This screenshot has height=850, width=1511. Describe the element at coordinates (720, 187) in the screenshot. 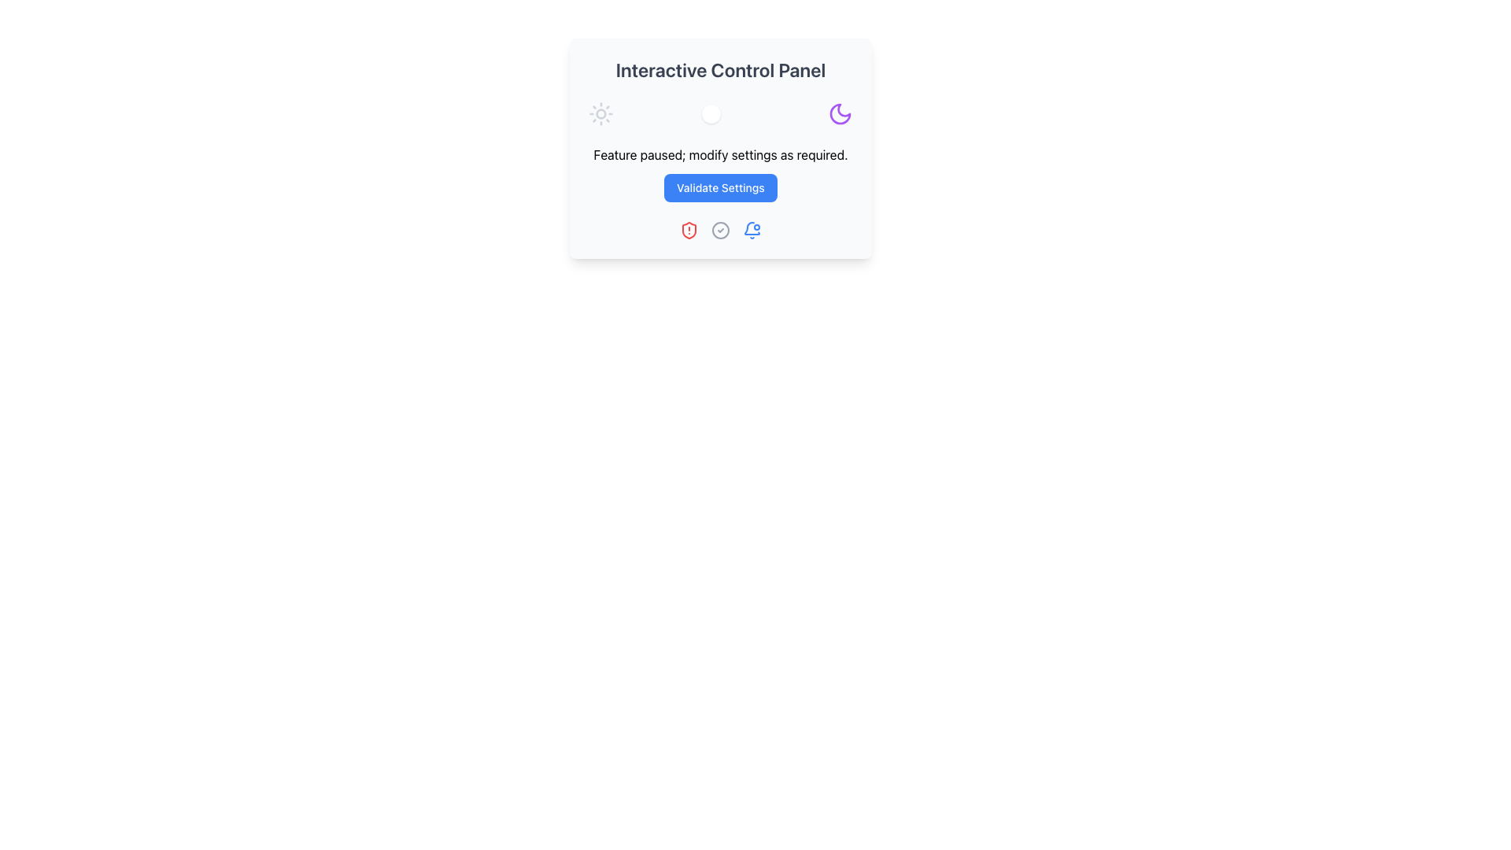

I see `the rectangular button with a blue background and white text labeled 'Validate Settings' to validate settings` at that location.